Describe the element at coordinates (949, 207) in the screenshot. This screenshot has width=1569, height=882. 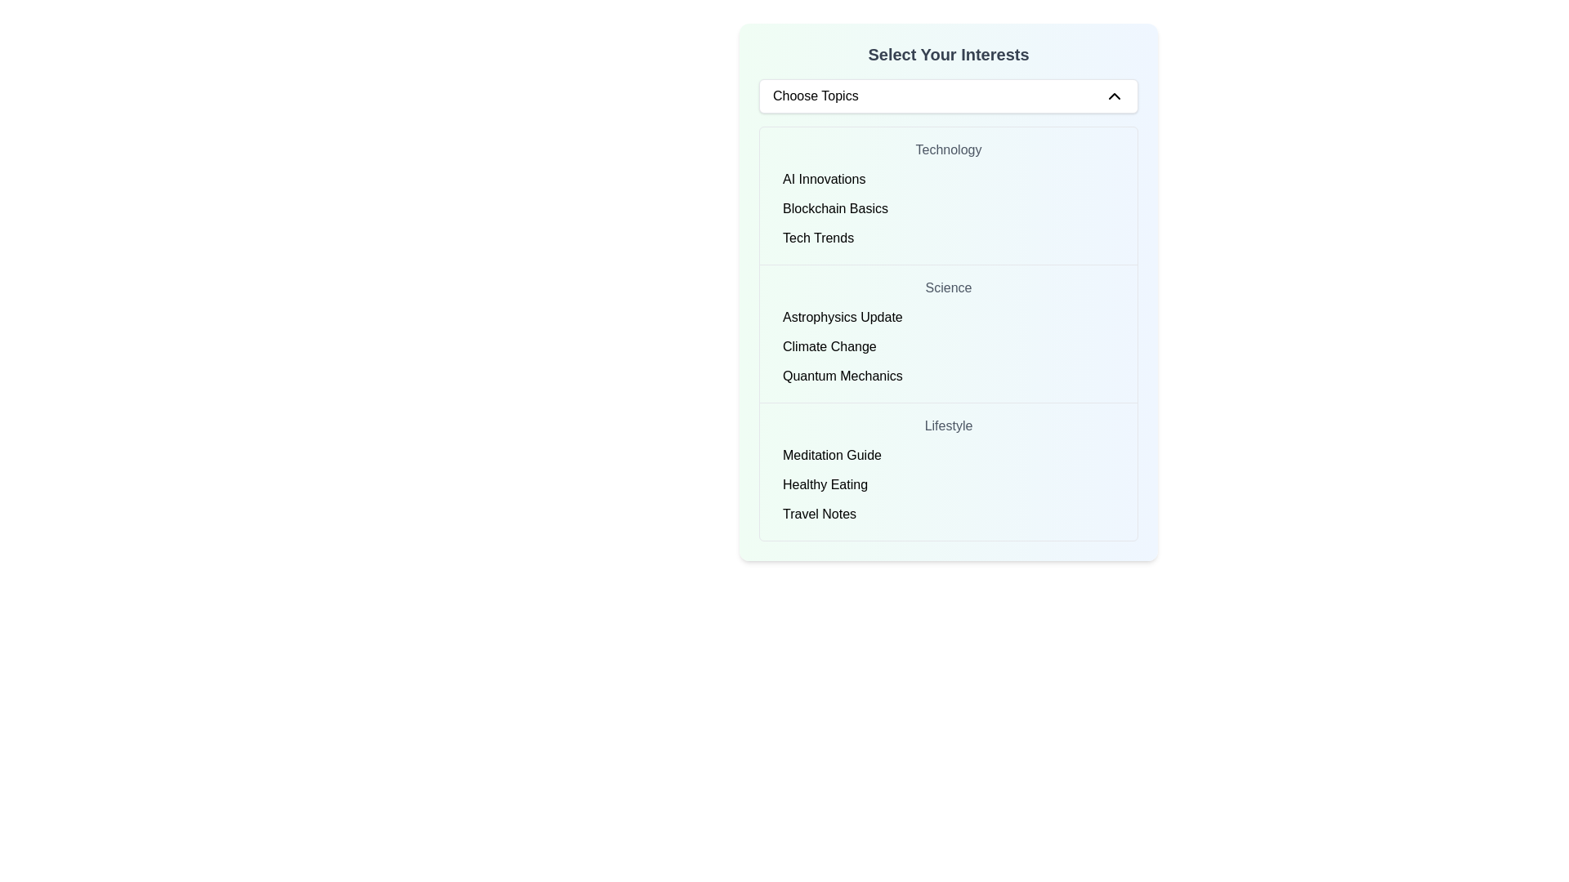
I see `the 'Blockchain Basics' option in the 'Technology' section of the 'Select Your Interests' interface` at that location.